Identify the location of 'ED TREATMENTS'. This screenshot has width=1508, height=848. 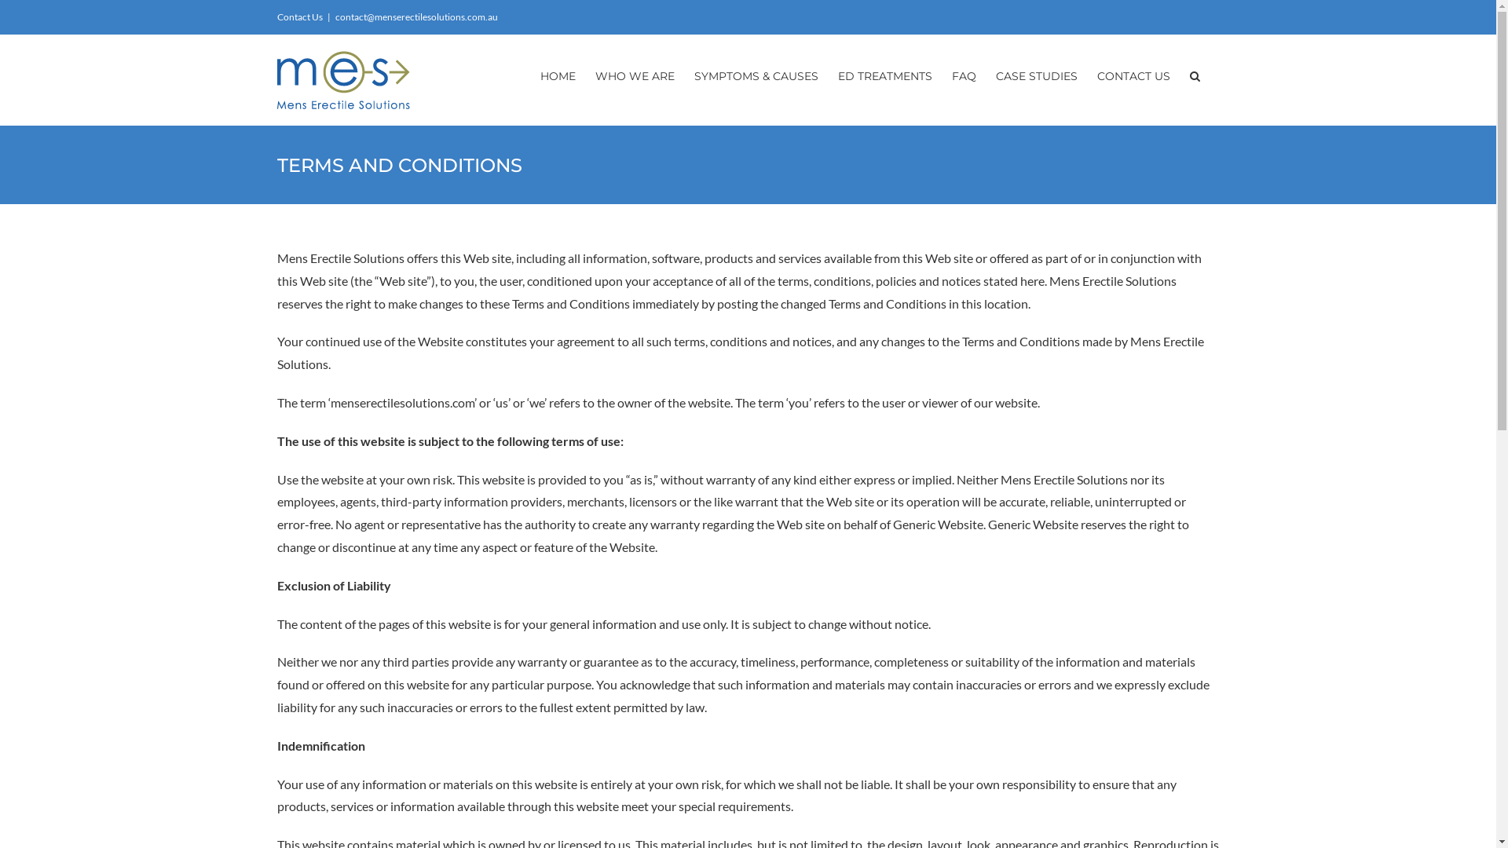
(884, 75).